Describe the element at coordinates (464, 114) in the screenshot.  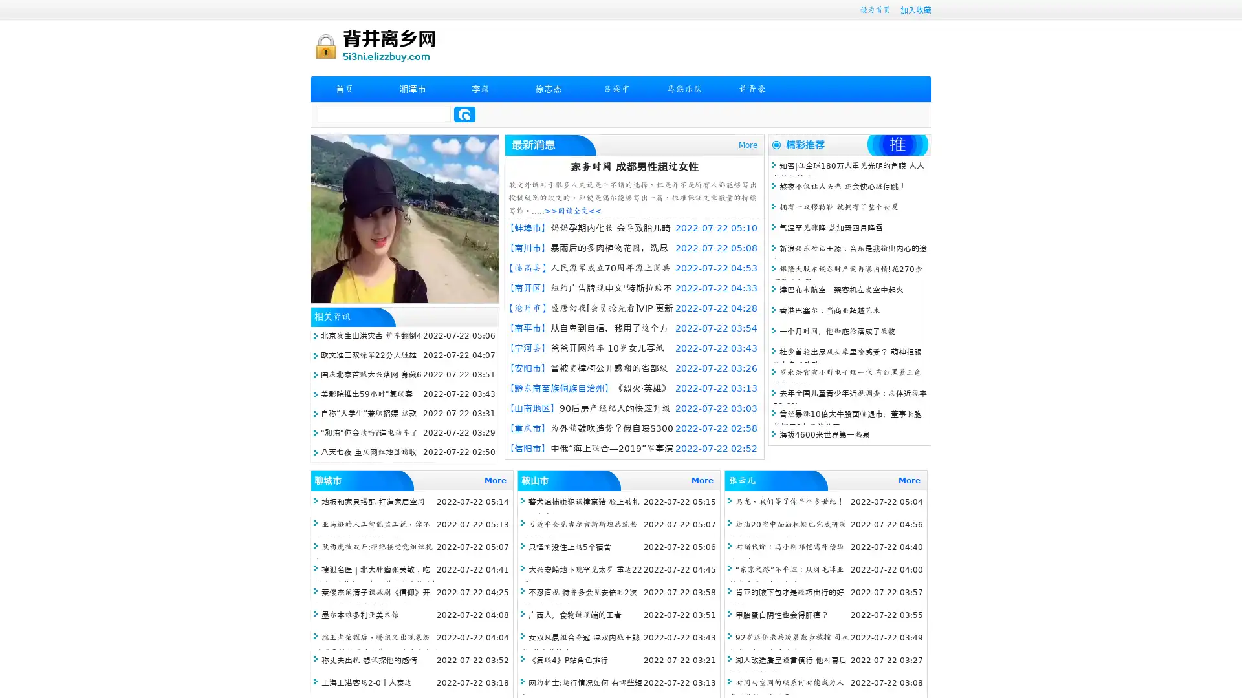
I see `Search` at that location.